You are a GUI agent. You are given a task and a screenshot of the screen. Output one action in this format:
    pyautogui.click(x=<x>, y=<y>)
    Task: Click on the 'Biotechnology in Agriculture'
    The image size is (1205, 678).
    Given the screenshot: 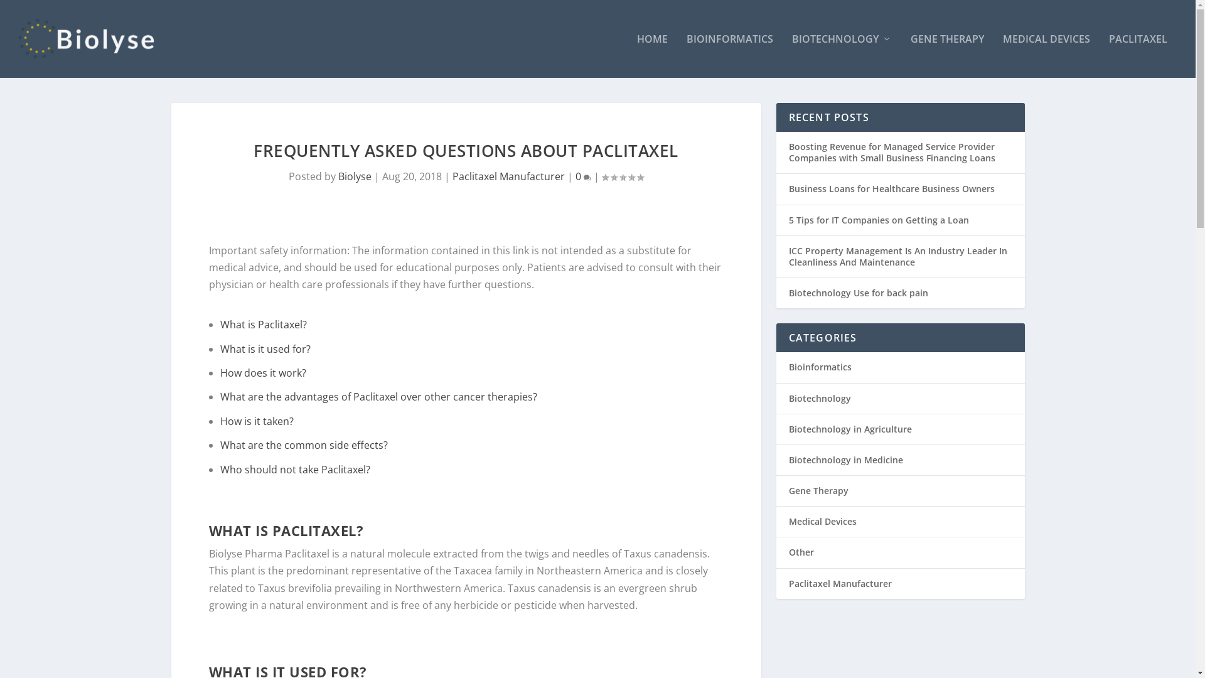 What is the action you would take?
    pyautogui.click(x=849, y=428)
    